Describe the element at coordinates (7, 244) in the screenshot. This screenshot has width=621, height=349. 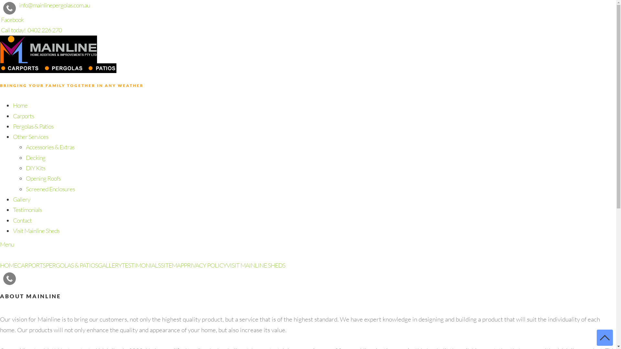
I see `'Menu'` at that location.